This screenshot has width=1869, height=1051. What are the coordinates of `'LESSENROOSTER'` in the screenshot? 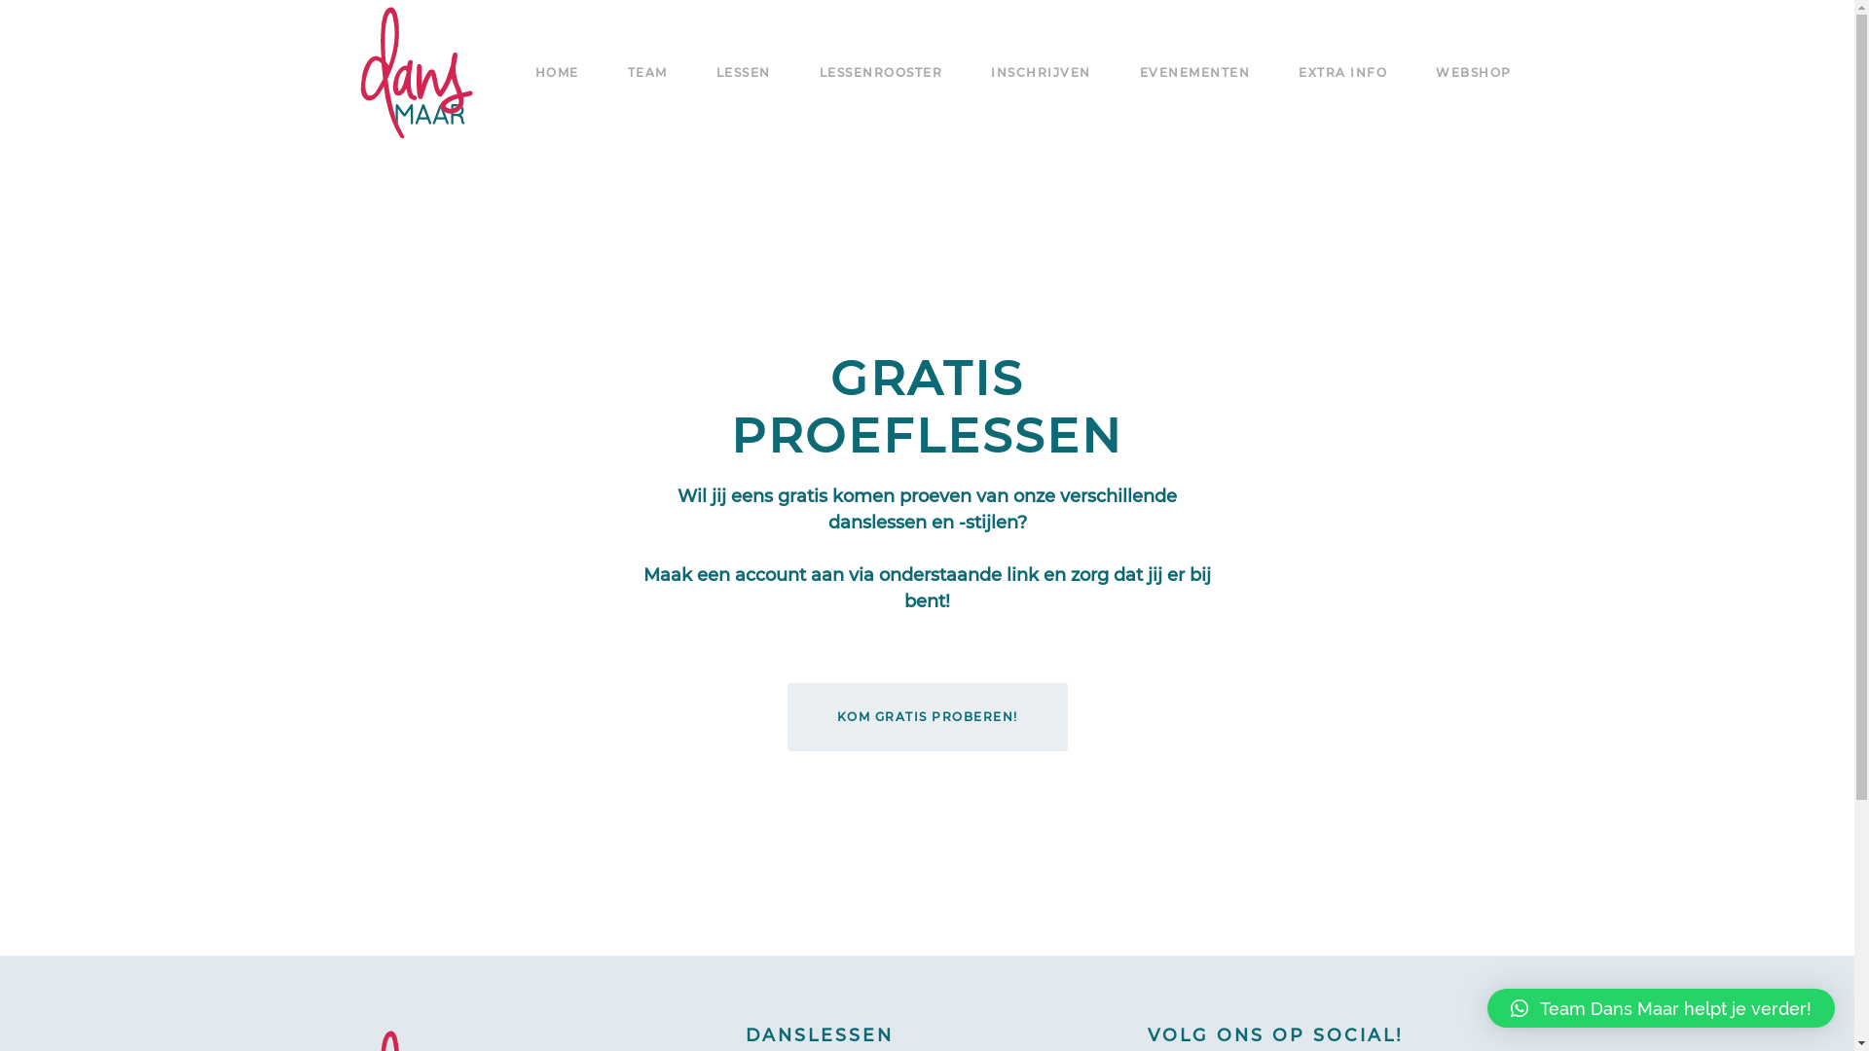 It's located at (819, 71).